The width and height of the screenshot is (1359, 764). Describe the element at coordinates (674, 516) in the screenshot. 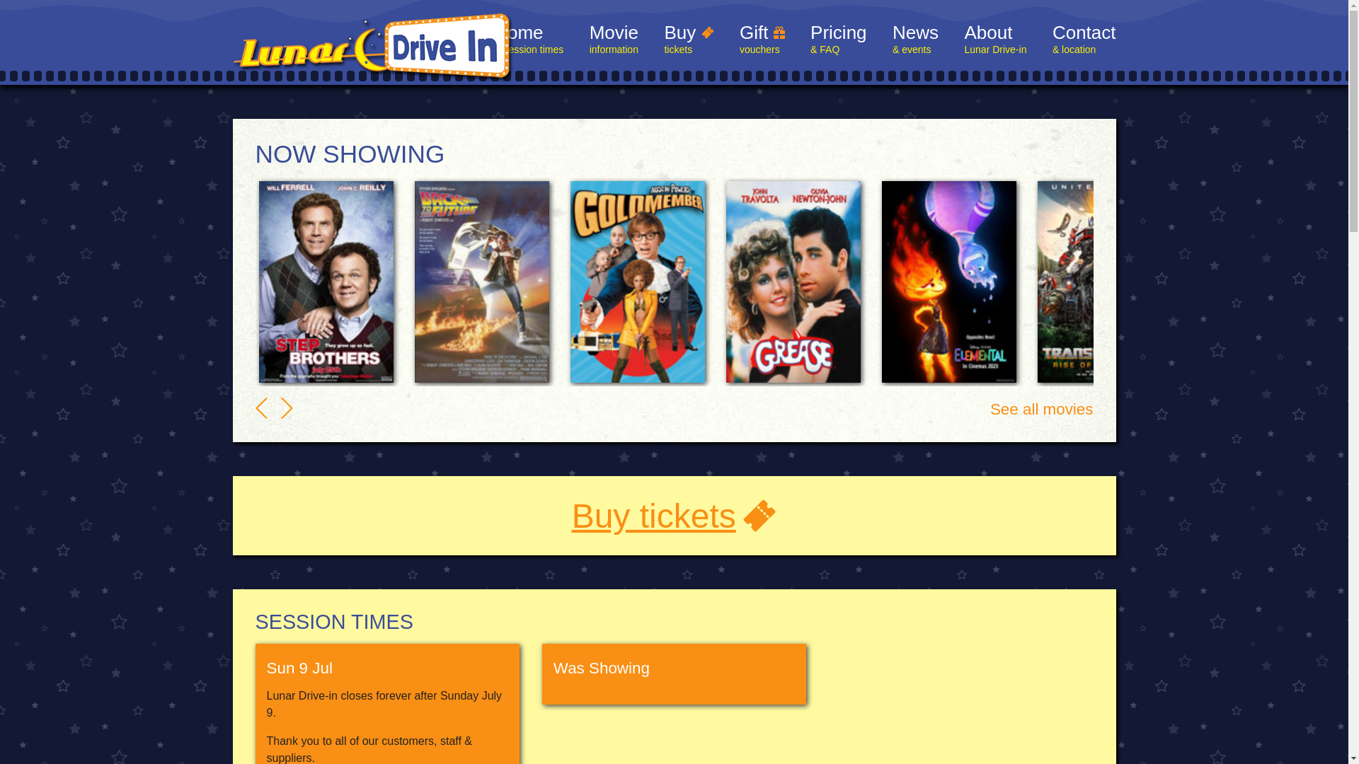

I see `'Buy tickets'` at that location.